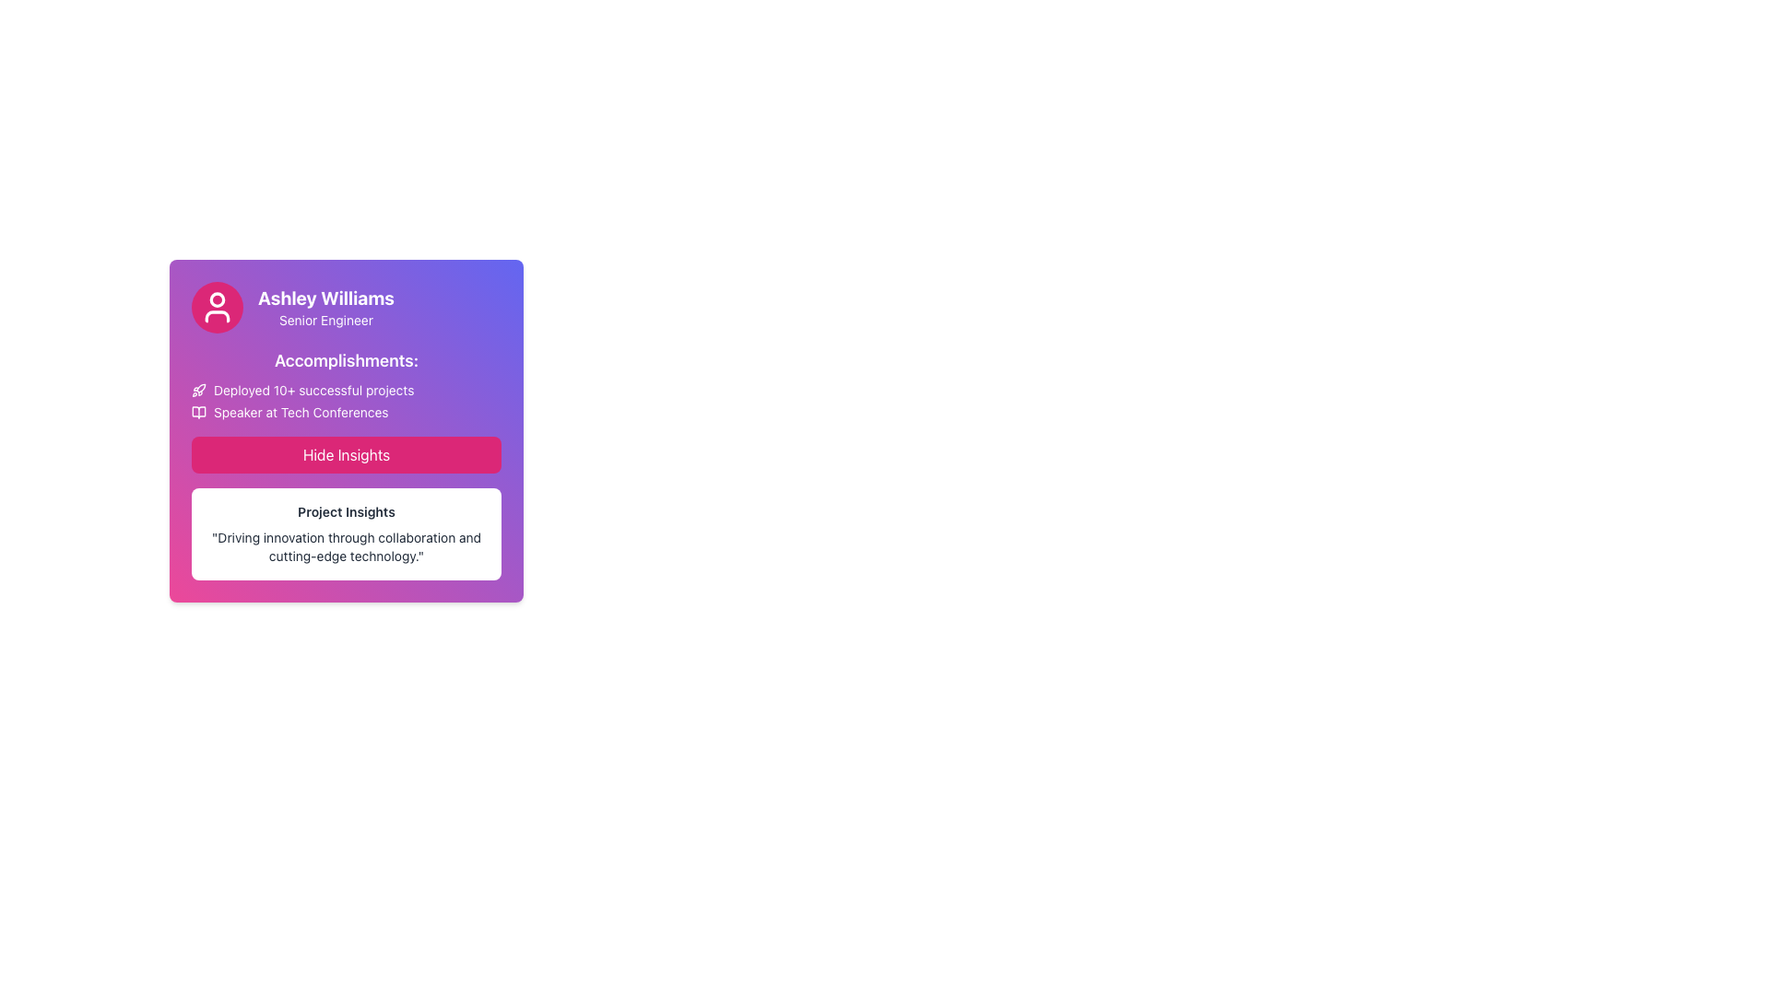  What do you see at coordinates (326, 307) in the screenshot?
I see `text content displayed in the Text Display element, which shows the name and title of an individual, located near the top of the card layout, to the right of the circular profile icon` at bounding box center [326, 307].